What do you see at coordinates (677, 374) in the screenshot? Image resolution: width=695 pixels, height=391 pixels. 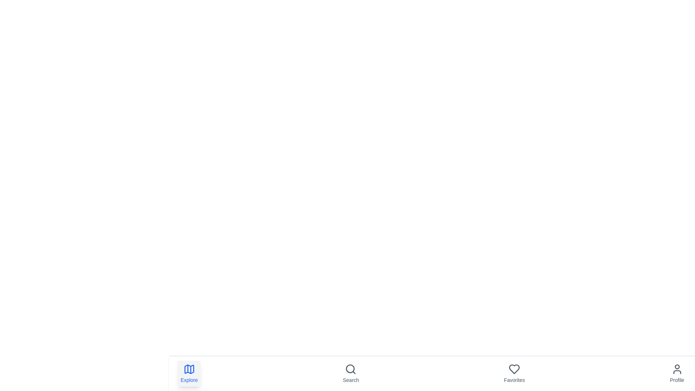 I see `the navigation item labeled Profile` at bounding box center [677, 374].